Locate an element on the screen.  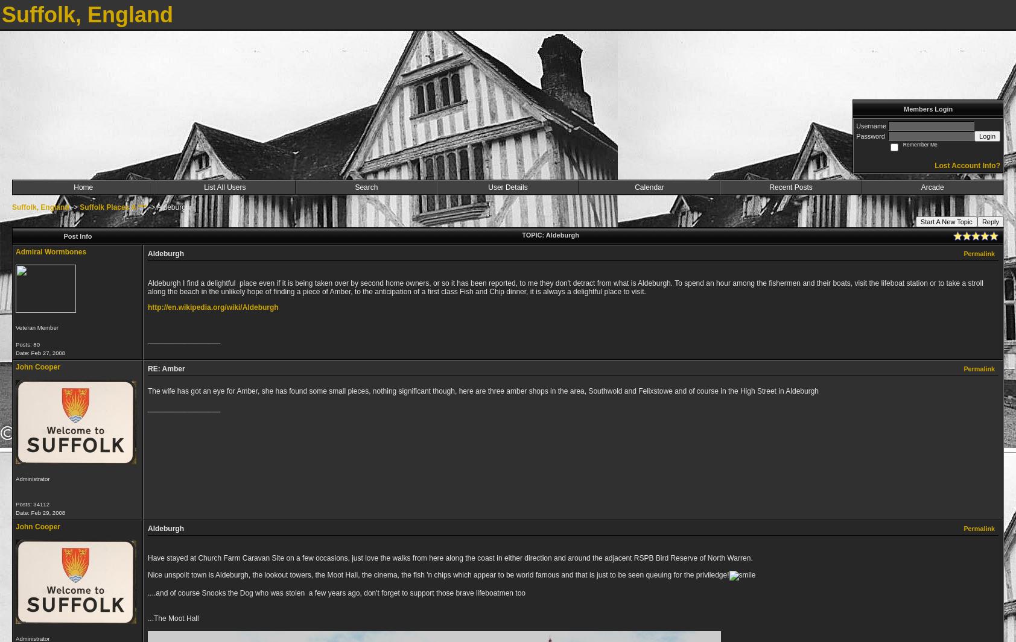
'Admiral Wormbones' is located at coordinates (50, 251).